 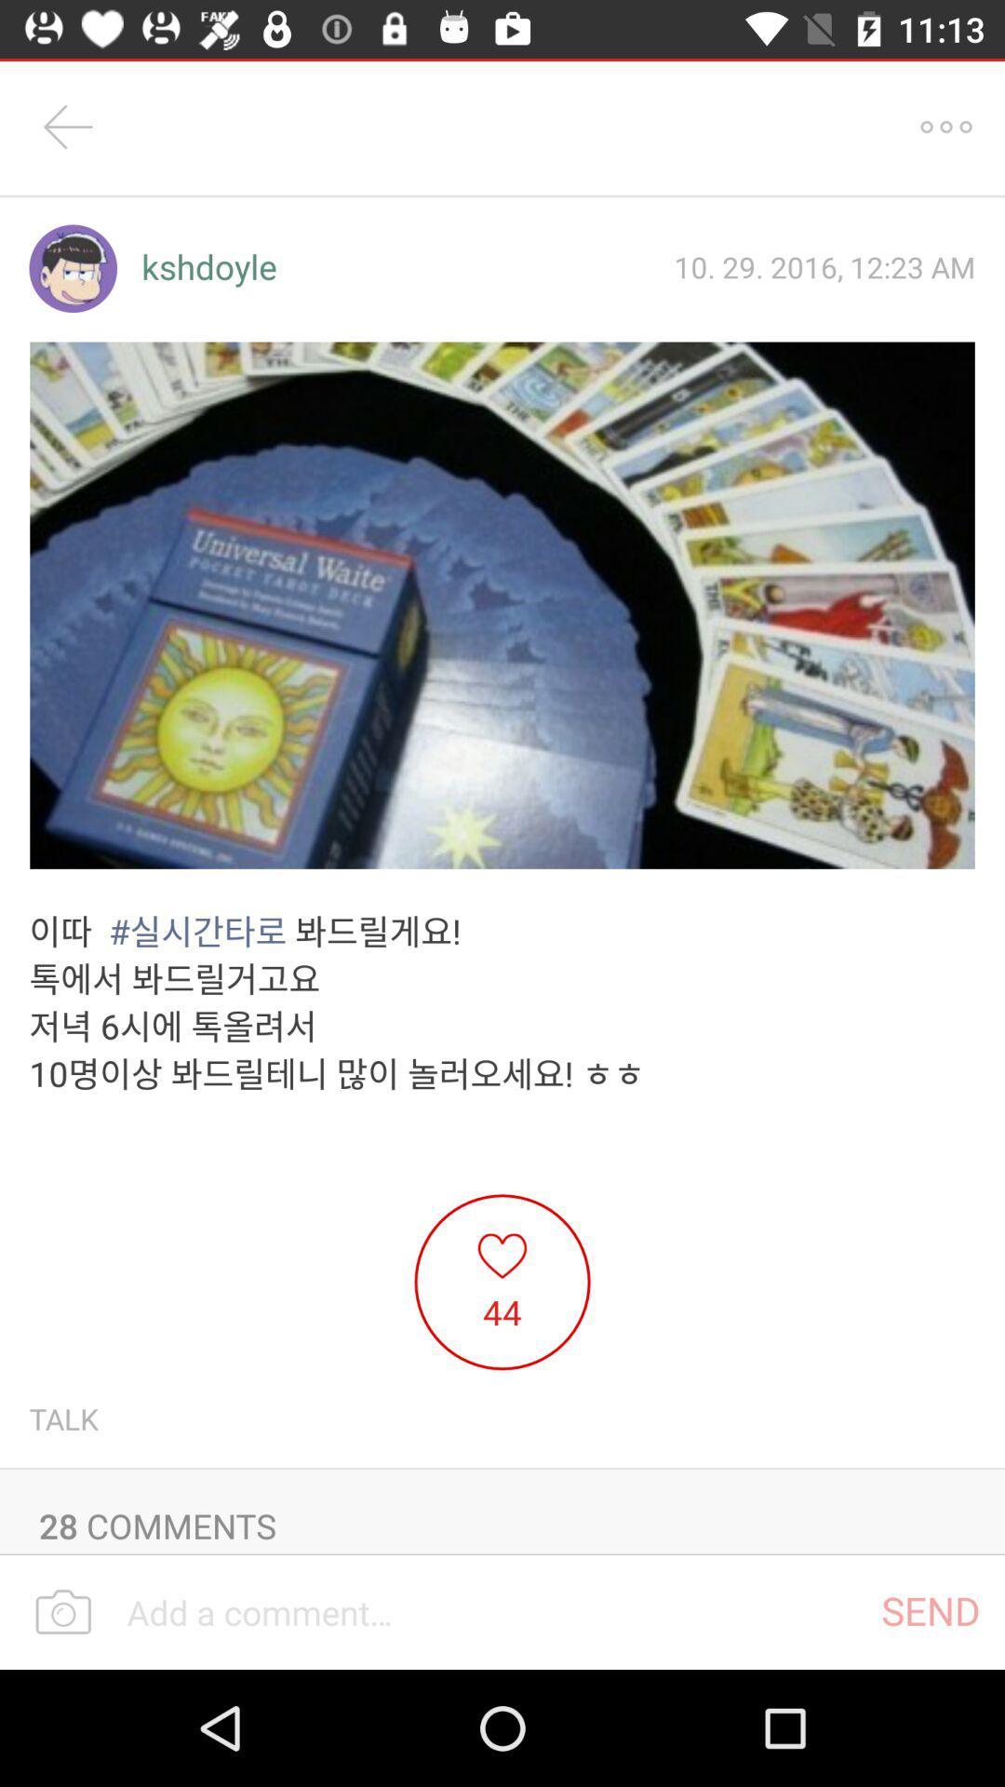 What do you see at coordinates (208, 267) in the screenshot?
I see `kshdoyle` at bounding box center [208, 267].